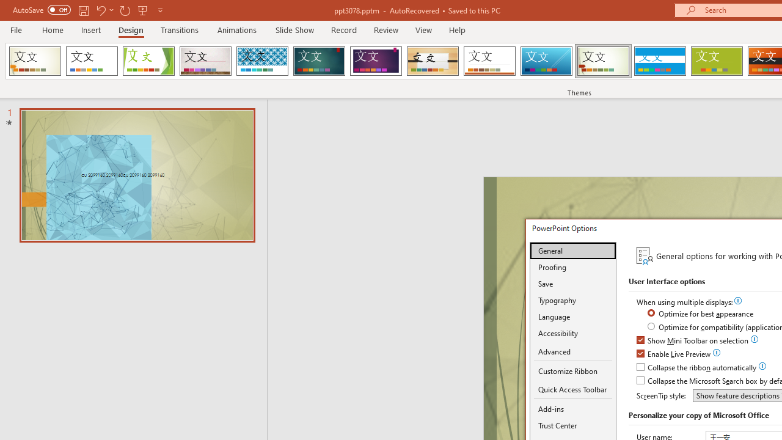 The height and width of the screenshot is (440, 782). I want to click on 'Customize Ribbon', so click(572, 370).